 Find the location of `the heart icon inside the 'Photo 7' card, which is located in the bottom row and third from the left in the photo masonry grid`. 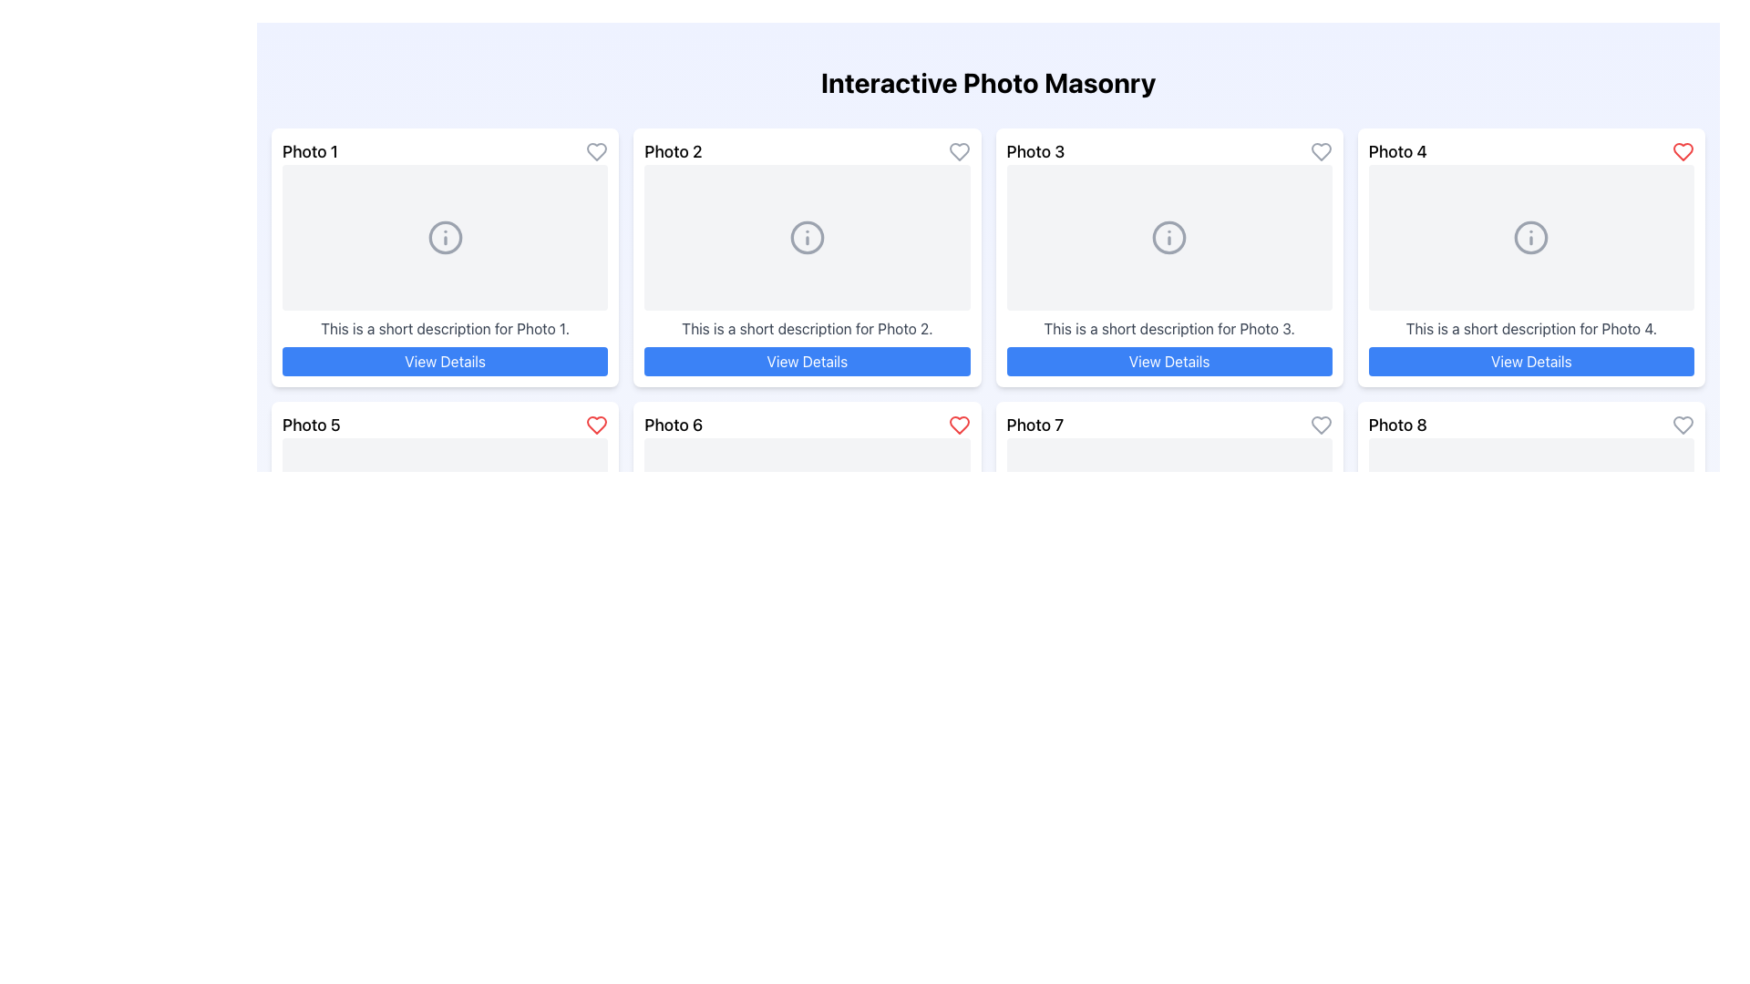

the heart icon inside the 'Photo 7' card, which is located in the bottom row and third from the left in the photo masonry grid is located at coordinates (1321, 425).